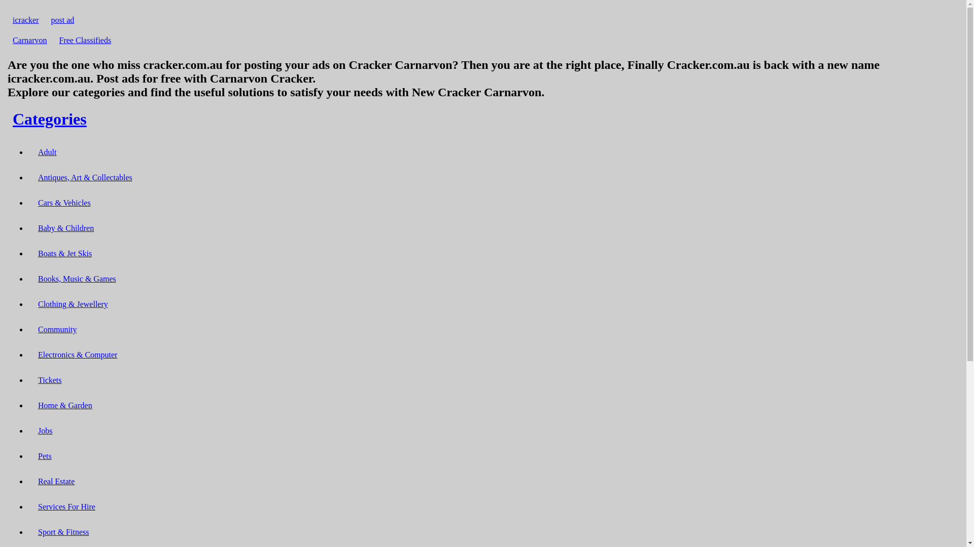 The width and height of the screenshot is (974, 547). Describe the element at coordinates (77, 354) in the screenshot. I see `'Electronics & Computer'` at that location.